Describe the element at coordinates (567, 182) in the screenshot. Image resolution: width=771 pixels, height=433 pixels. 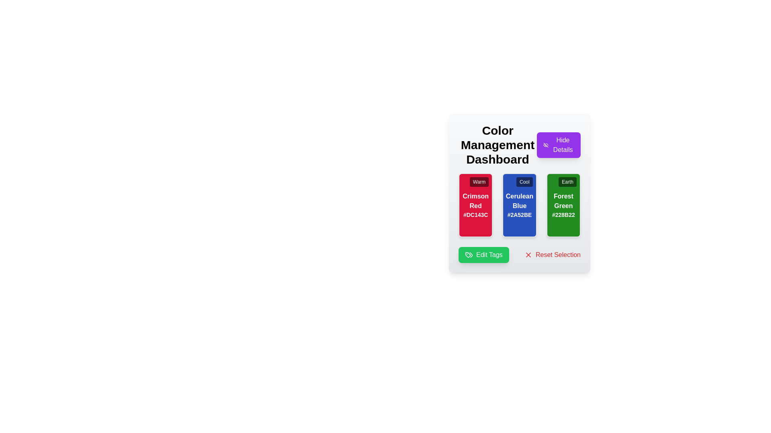
I see `the informational tag located in the top-right corner of the 'Forest Green' card, which serves as a descriptor for the card` at that location.